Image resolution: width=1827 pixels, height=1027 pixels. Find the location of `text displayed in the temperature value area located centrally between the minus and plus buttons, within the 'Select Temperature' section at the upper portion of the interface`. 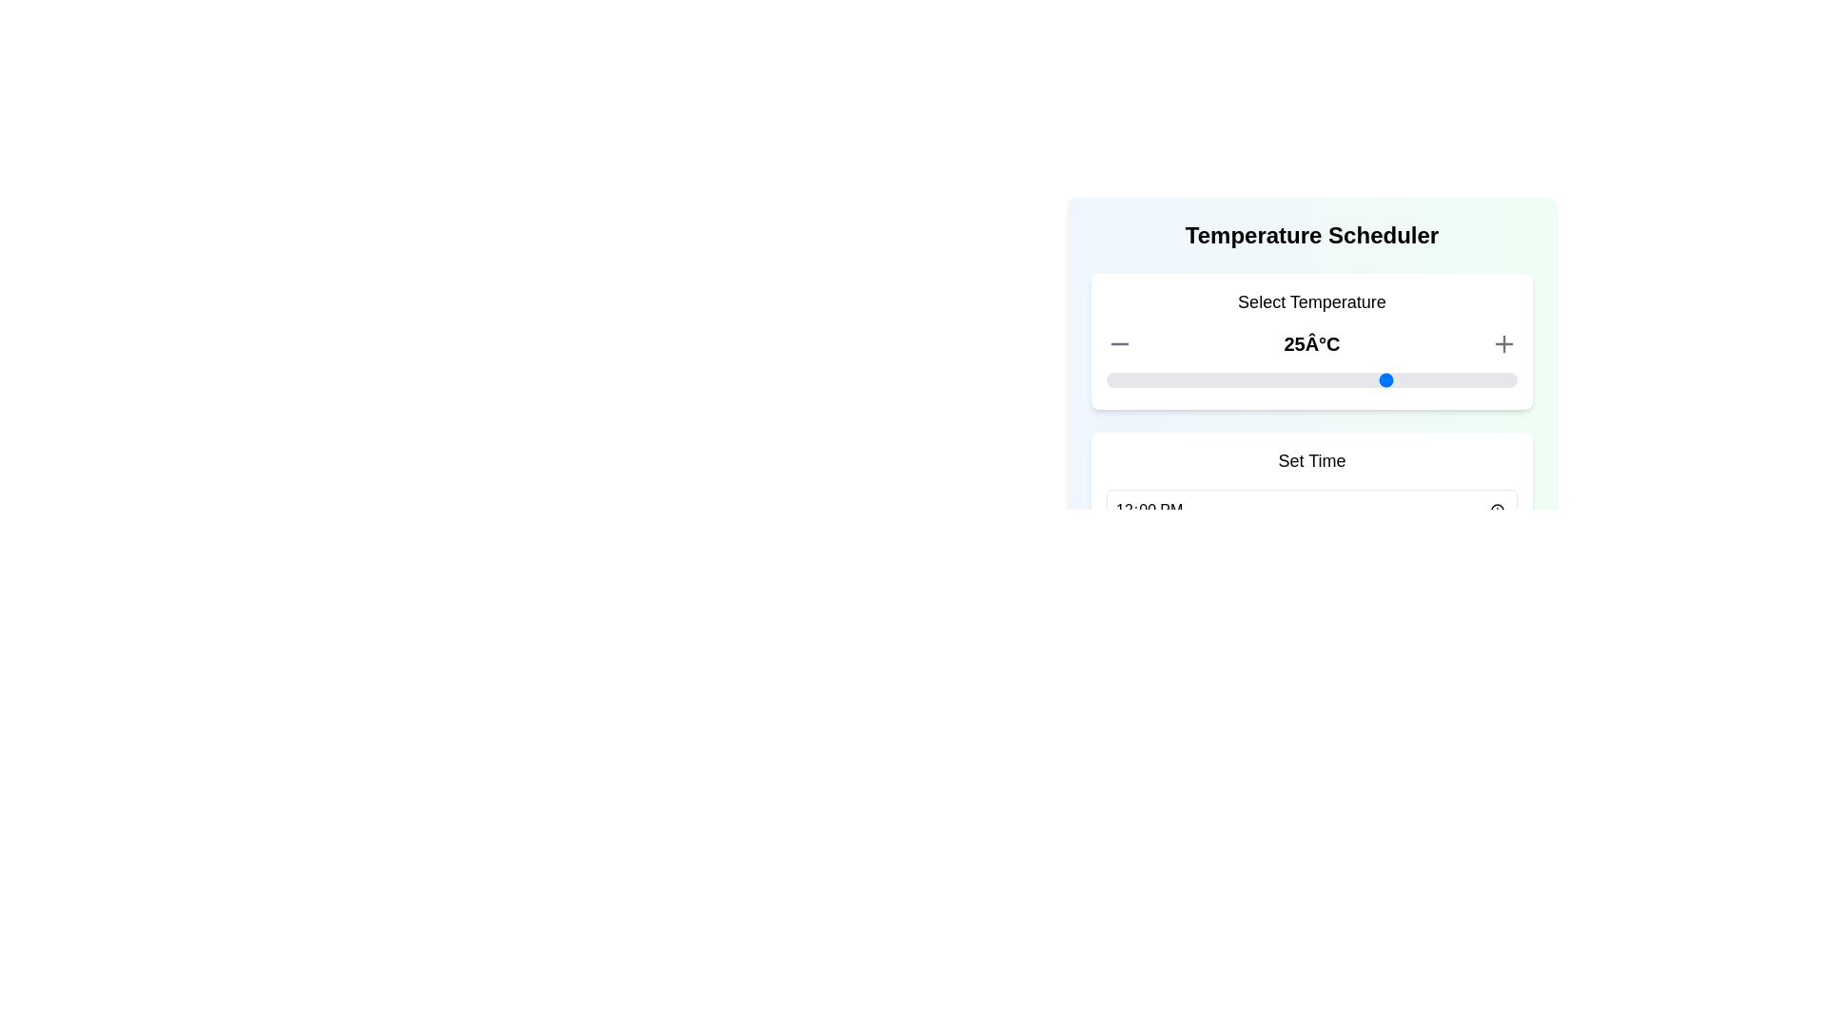

text displayed in the temperature value area located centrally between the minus and plus buttons, within the 'Select Temperature' section at the upper portion of the interface is located at coordinates (1310, 344).